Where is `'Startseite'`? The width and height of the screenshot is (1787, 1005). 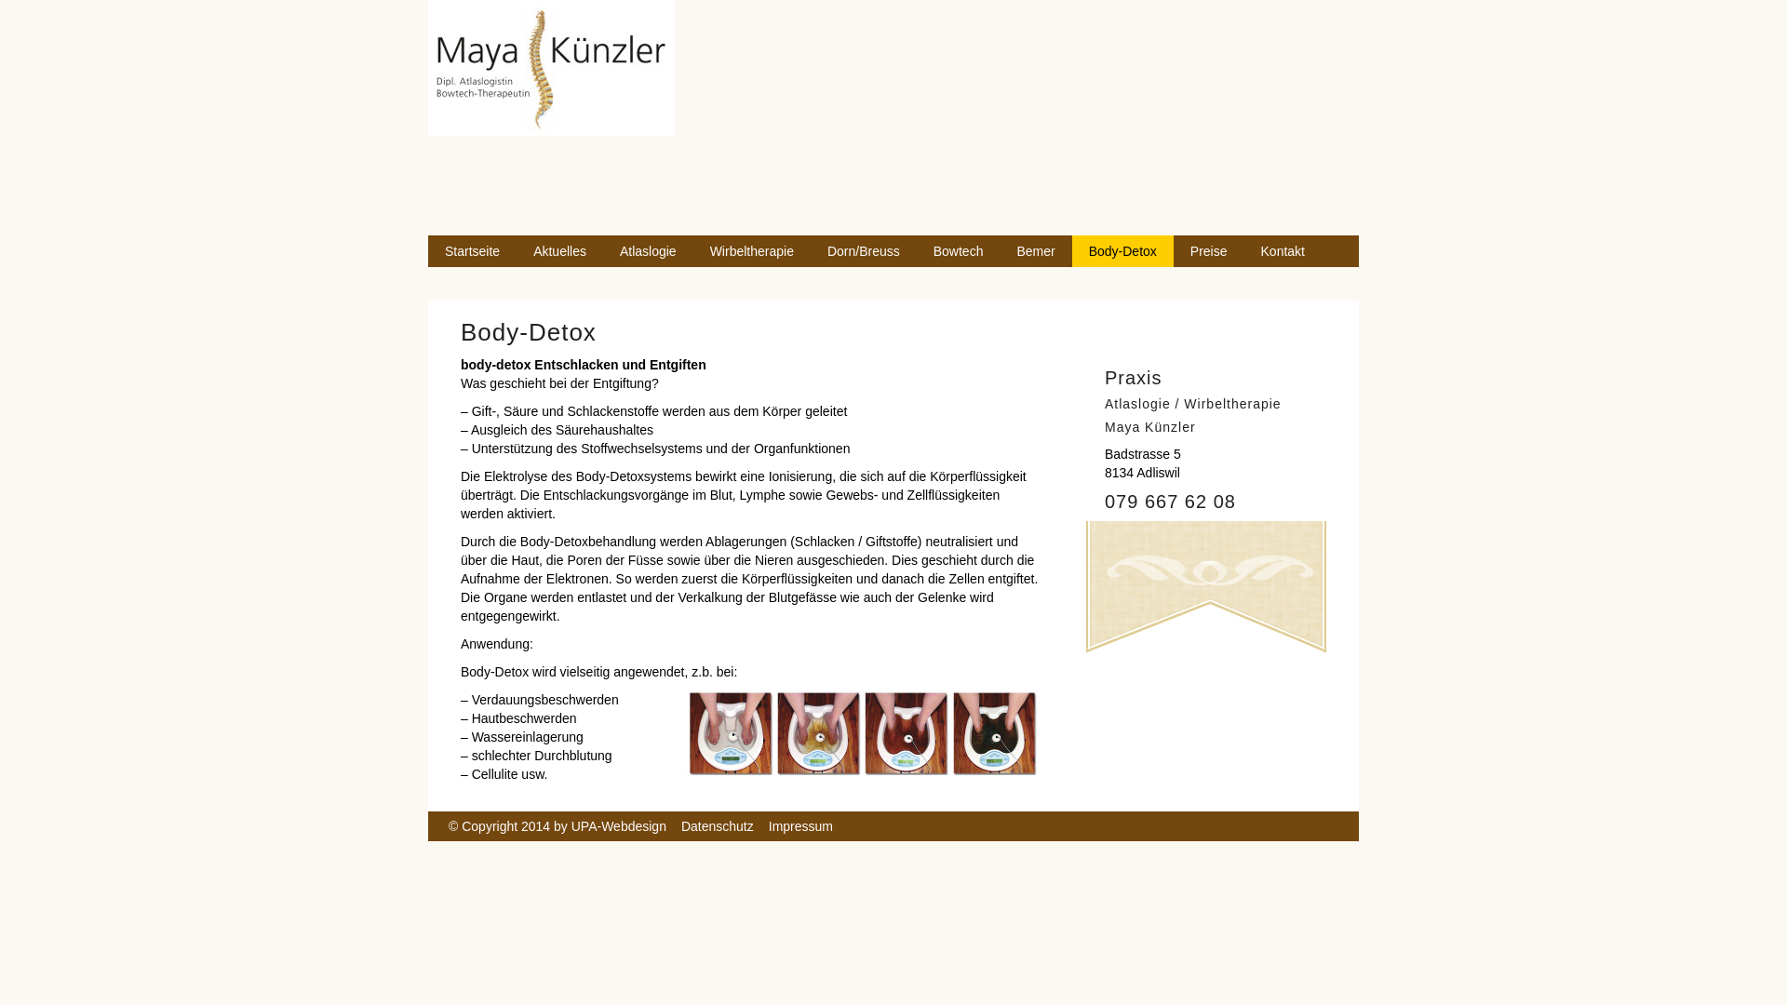
'Startseite' is located at coordinates (427, 251).